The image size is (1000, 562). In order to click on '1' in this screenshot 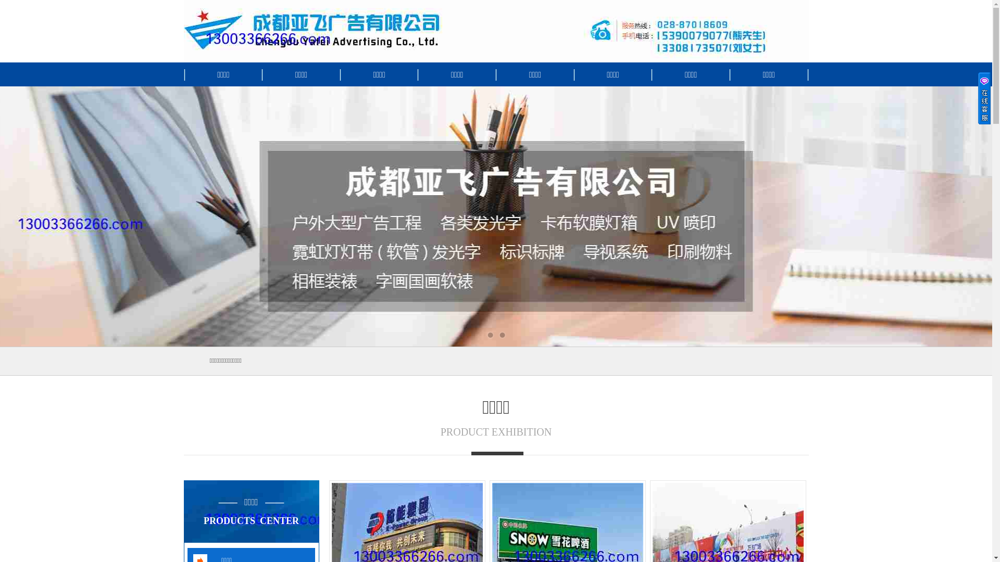, I will do `click(489, 335)`.